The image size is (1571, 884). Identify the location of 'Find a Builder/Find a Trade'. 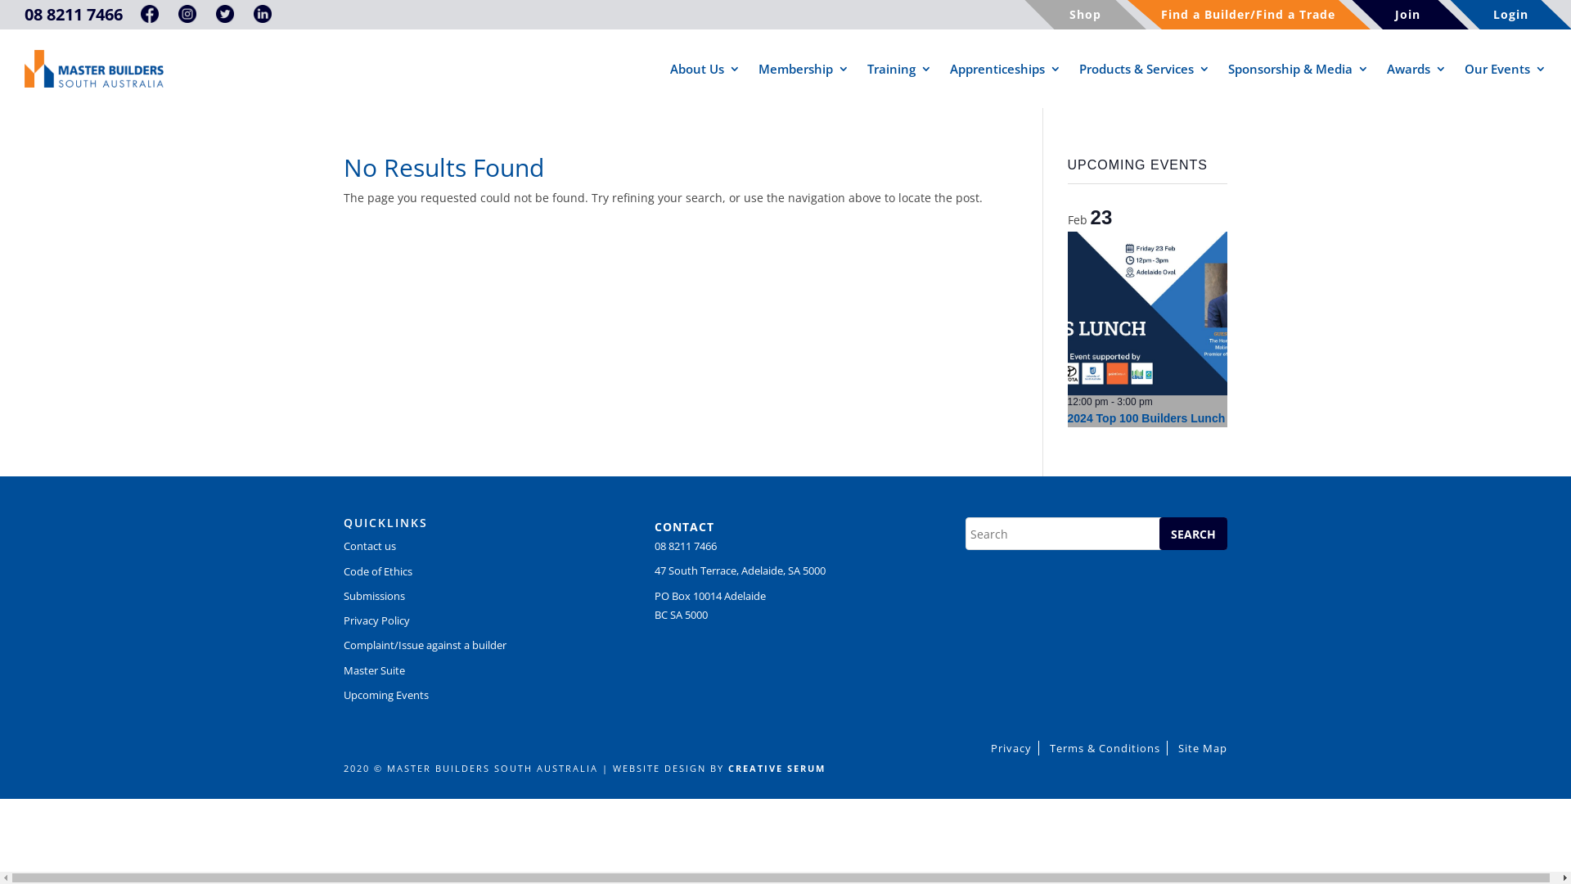
(1247, 15).